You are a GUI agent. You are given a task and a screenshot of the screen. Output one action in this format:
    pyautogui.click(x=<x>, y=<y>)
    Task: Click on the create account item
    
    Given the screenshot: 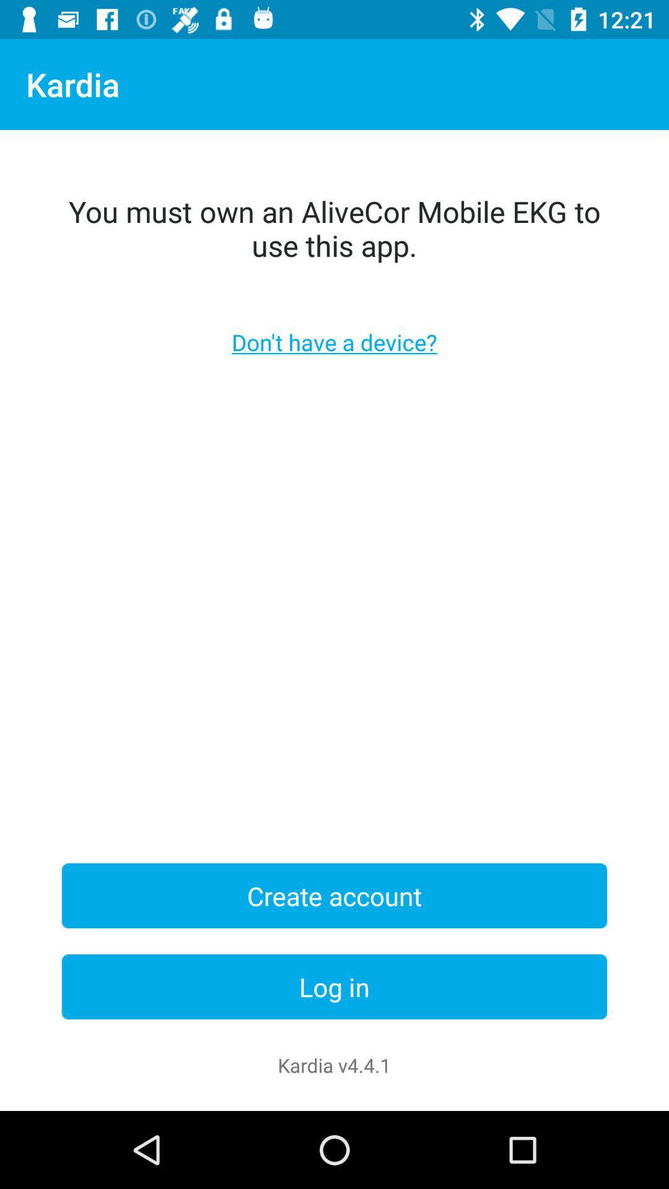 What is the action you would take?
    pyautogui.click(x=334, y=895)
    